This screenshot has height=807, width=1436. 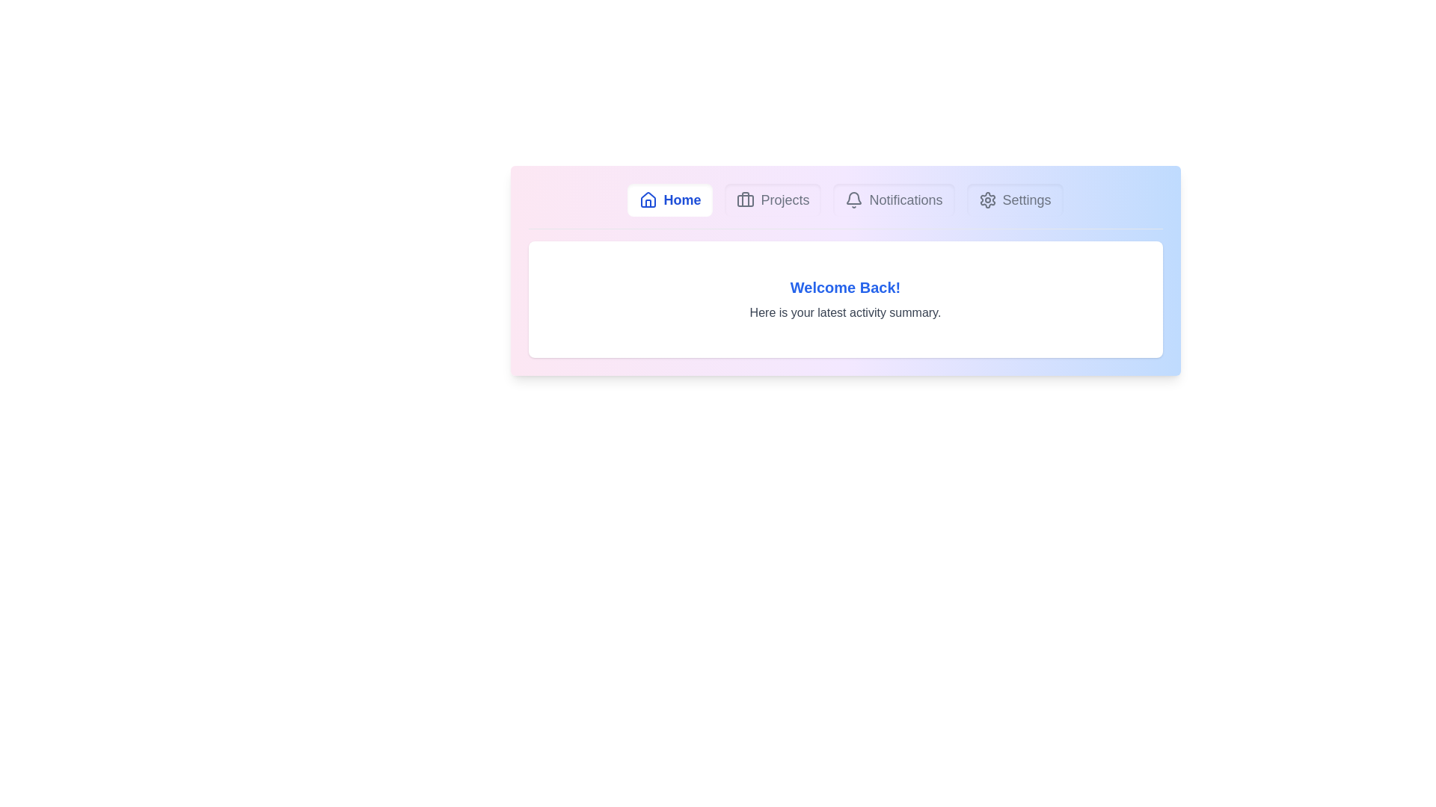 What do you see at coordinates (1015, 199) in the screenshot?
I see `the tab labeled Settings to observe visual feedback` at bounding box center [1015, 199].